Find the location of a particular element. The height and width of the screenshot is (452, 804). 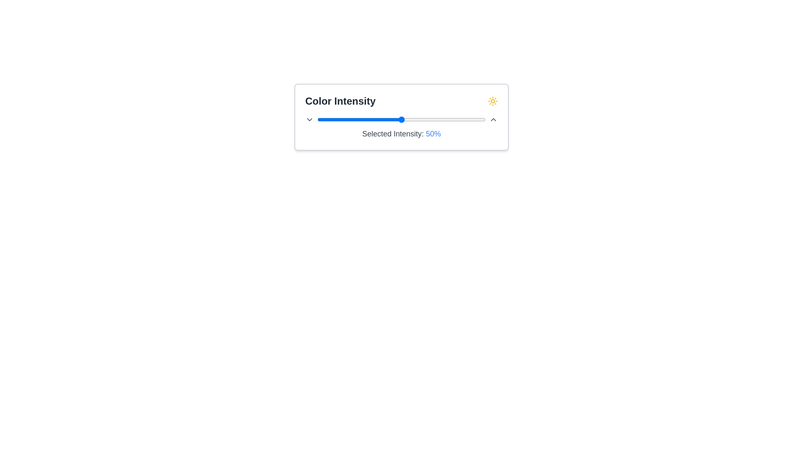

the color intensity is located at coordinates (341, 119).